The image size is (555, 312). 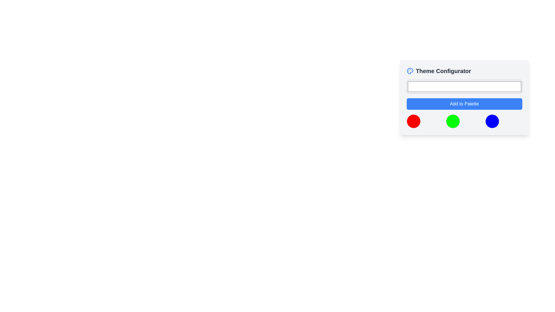 What do you see at coordinates (410, 71) in the screenshot?
I see `the color palette icon located at the top-left of the theme configuration interface` at bounding box center [410, 71].